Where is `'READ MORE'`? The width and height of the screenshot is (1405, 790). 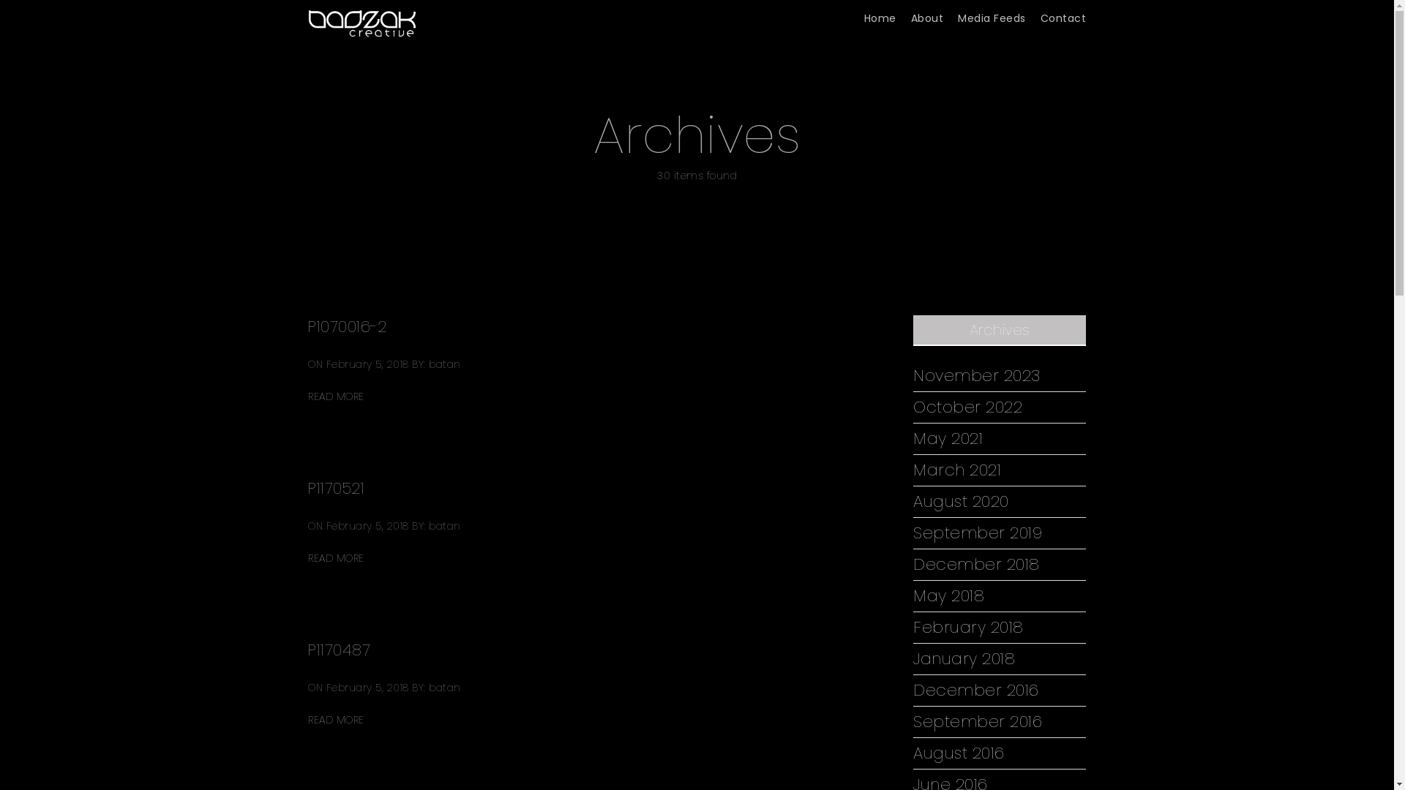 'READ MORE' is located at coordinates (335, 719).